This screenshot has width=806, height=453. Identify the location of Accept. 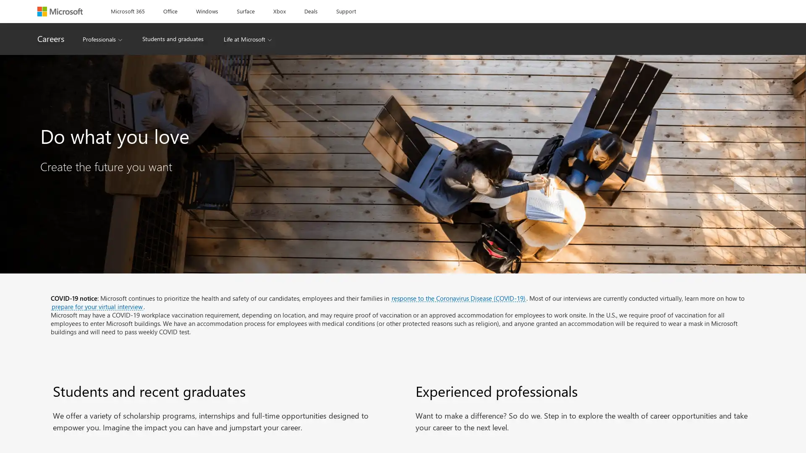
(635, 19).